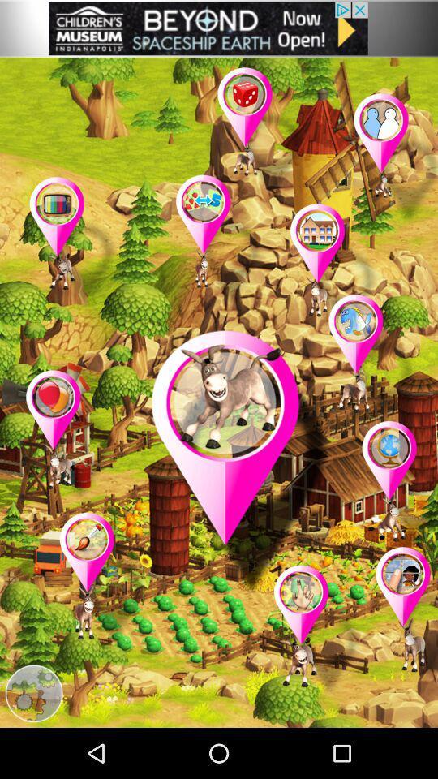 The width and height of the screenshot is (438, 779). What do you see at coordinates (36, 747) in the screenshot?
I see `the settings icon` at bounding box center [36, 747].